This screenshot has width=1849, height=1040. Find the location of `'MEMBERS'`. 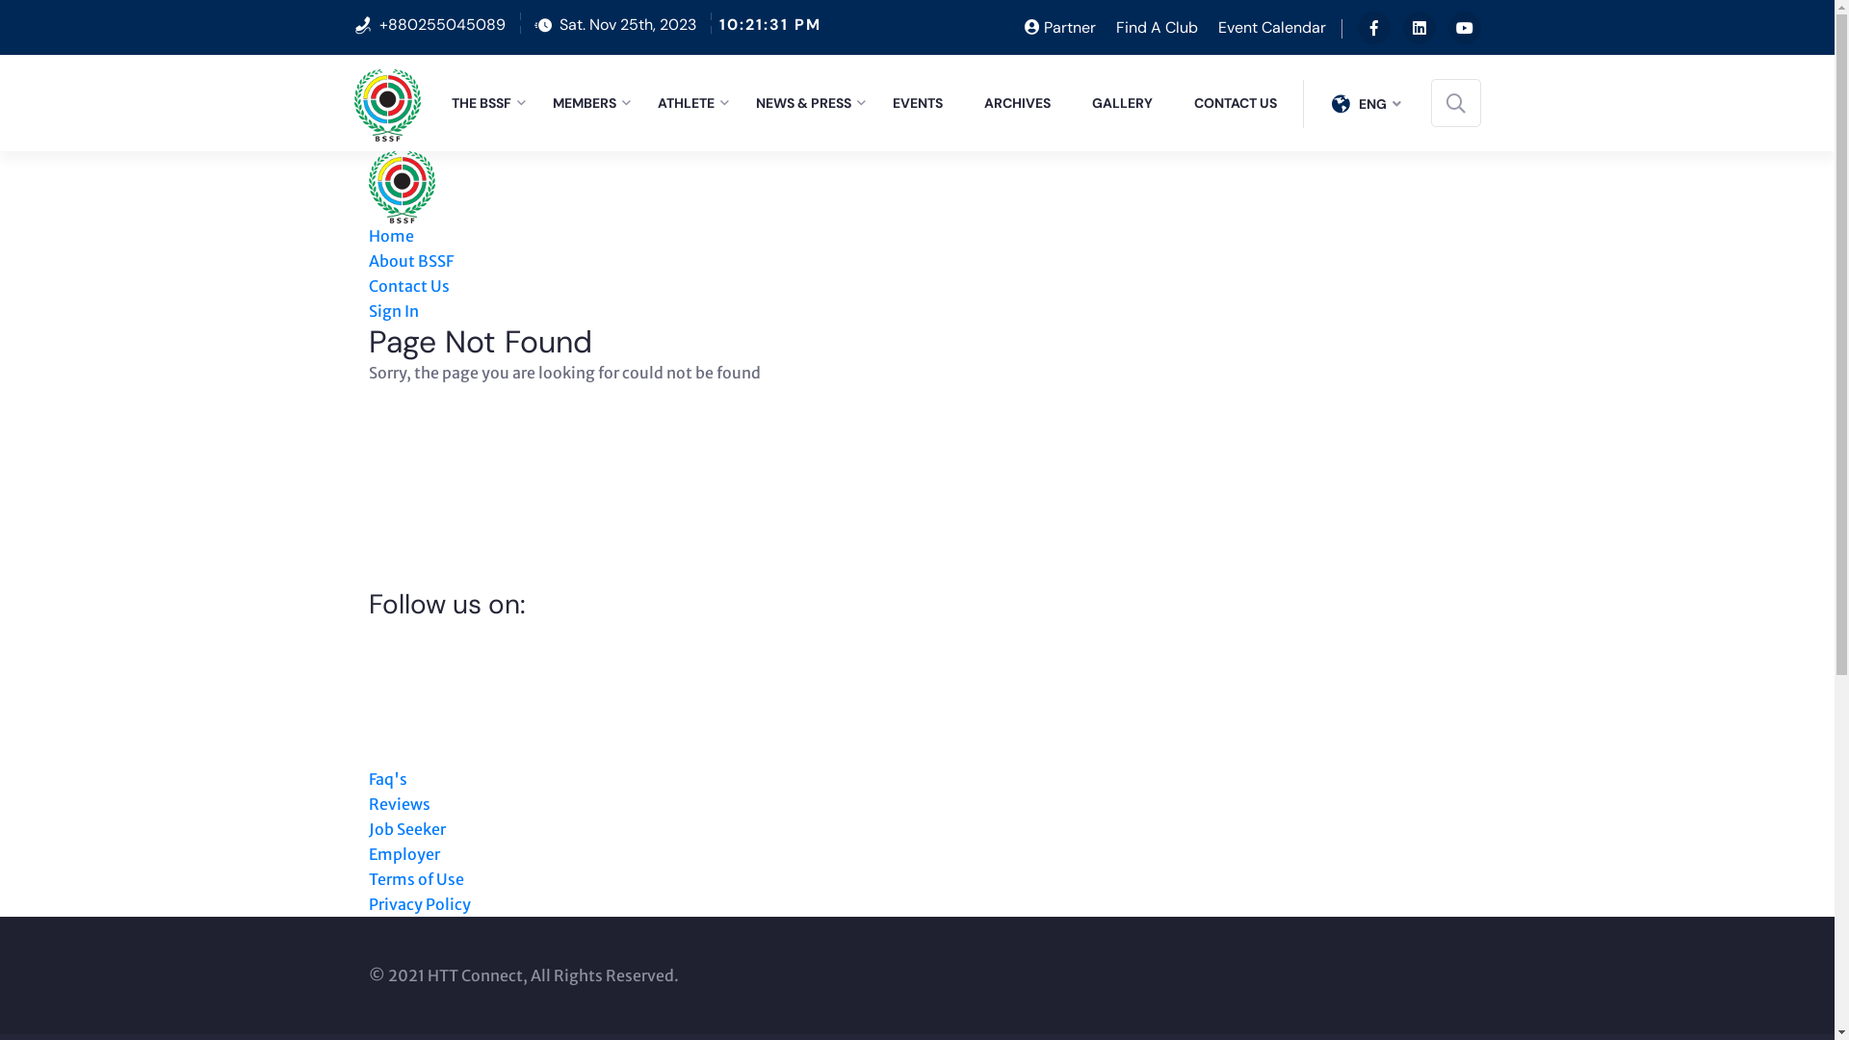

'MEMBERS' is located at coordinates (552, 103).